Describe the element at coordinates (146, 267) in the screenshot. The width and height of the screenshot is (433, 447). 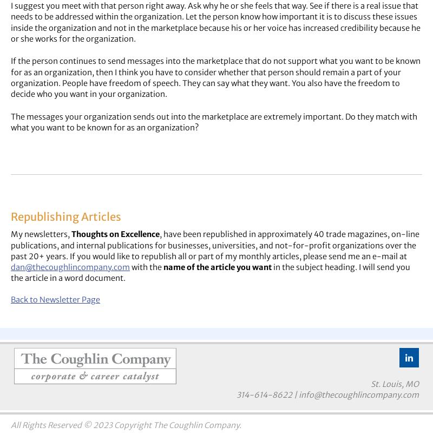
I see `'with the'` at that location.